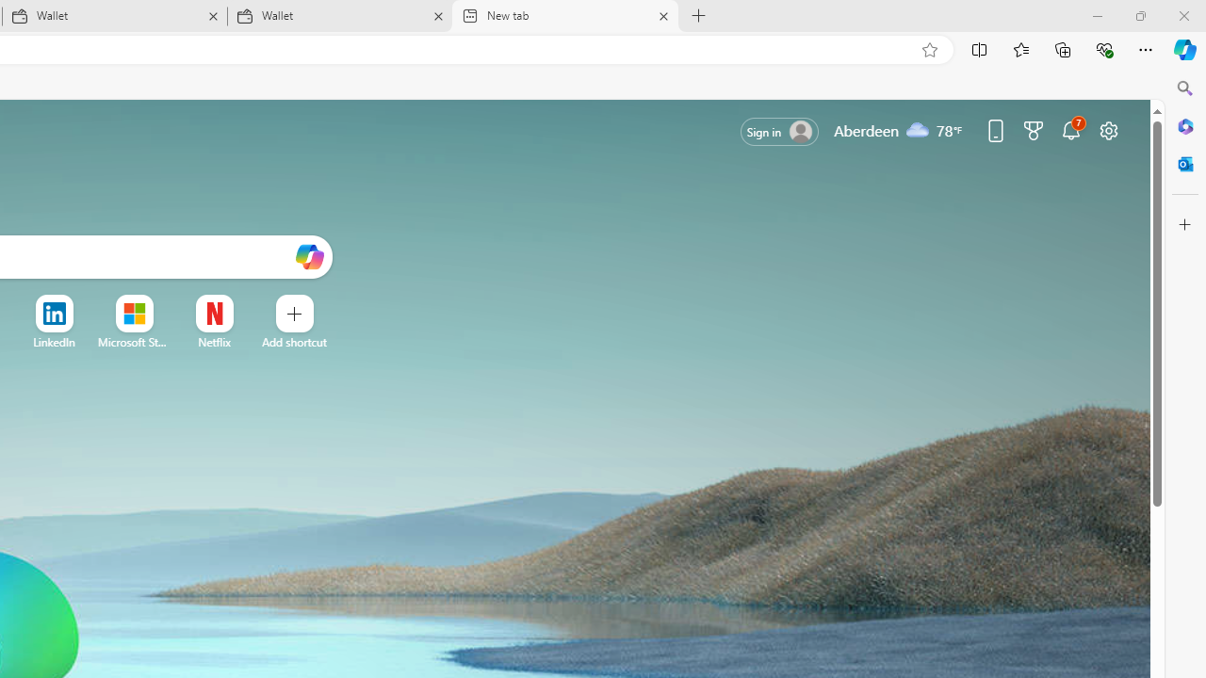 The height and width of the screenshot is (678, 1206). I want to click on 'New tab', so click(564, 16).